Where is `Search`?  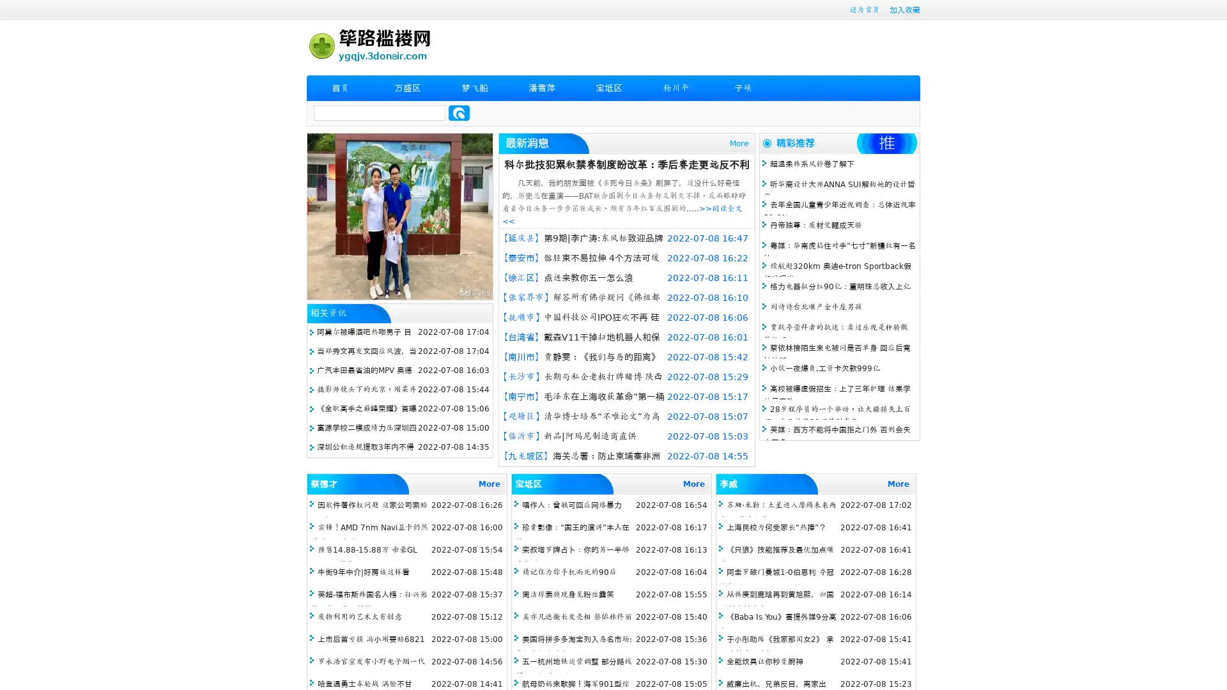 Search is located at coordinates (459, 112).